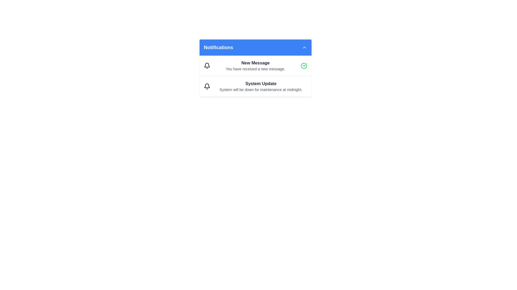 The width and height of the screenshot is (517, 290). Describe the element at coordinates (207, 66) in the screenshot. I see `the bell icon representing new message notifications, located at the top-left corner of the notification card, aligned to the left of the text 'New Message.'` at that location.